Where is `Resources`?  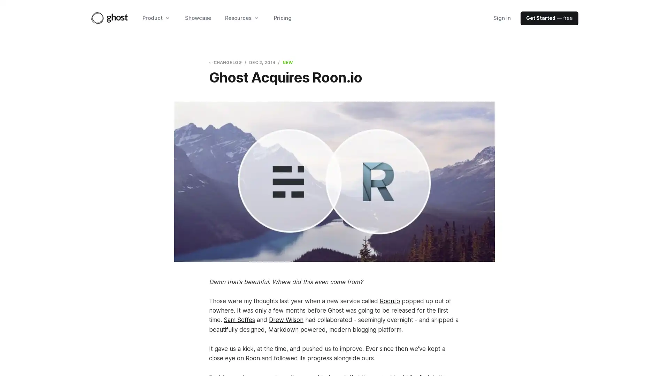
Resources is located at coordinates (242, 17).